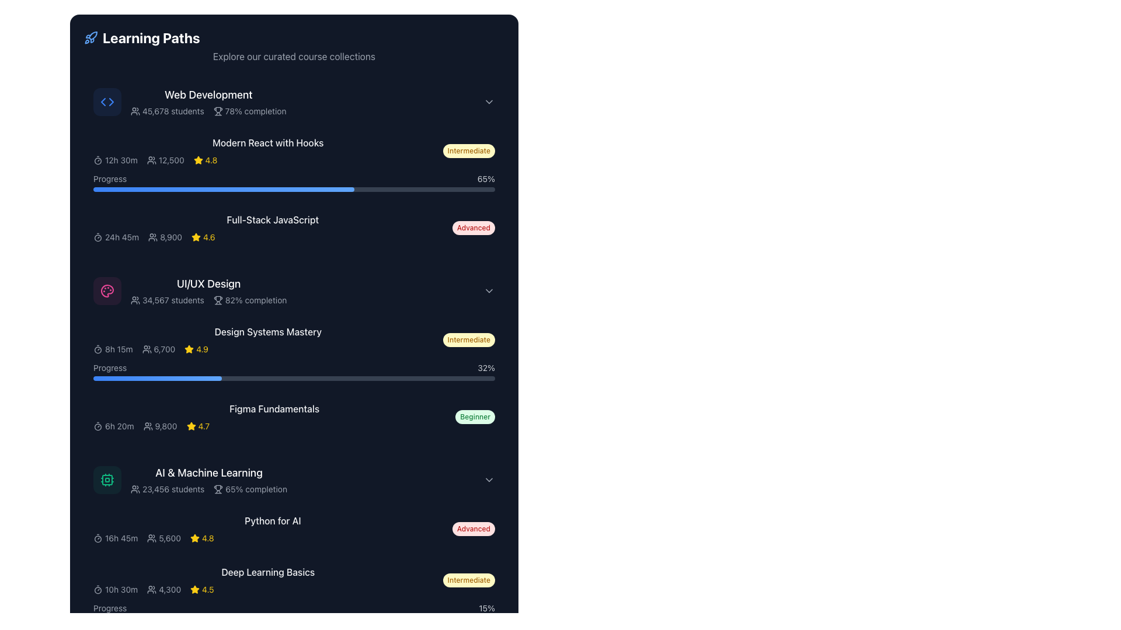 This screenshot has width=1121, height=630. Describe the element at coordinates (209, 237) in the screenshot. I see `rating value displayed as '4.6' in bold yellow font, which is aligned with a star icon, part of the course listing for 'Full-Stack JavaScript'` at that location.